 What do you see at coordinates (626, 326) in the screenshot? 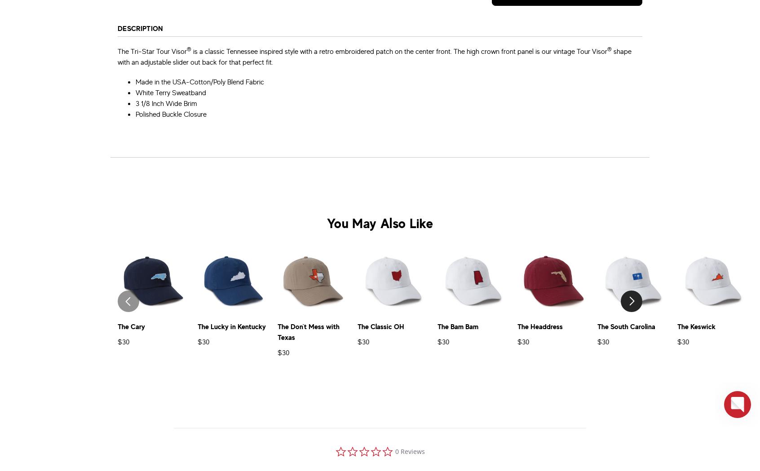
I see `'The South Carolina'` at bounding box center [626, 326].